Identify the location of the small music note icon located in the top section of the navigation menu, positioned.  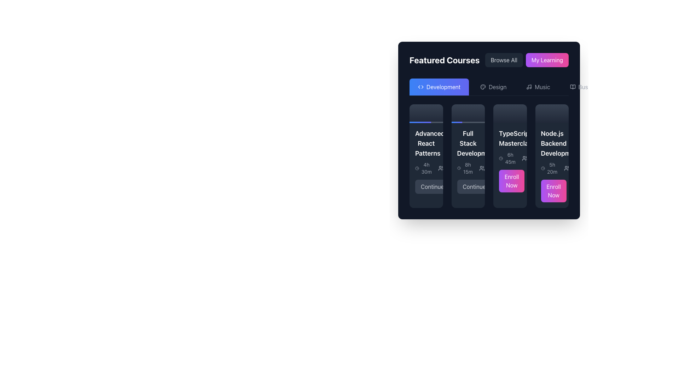
(529, 87).